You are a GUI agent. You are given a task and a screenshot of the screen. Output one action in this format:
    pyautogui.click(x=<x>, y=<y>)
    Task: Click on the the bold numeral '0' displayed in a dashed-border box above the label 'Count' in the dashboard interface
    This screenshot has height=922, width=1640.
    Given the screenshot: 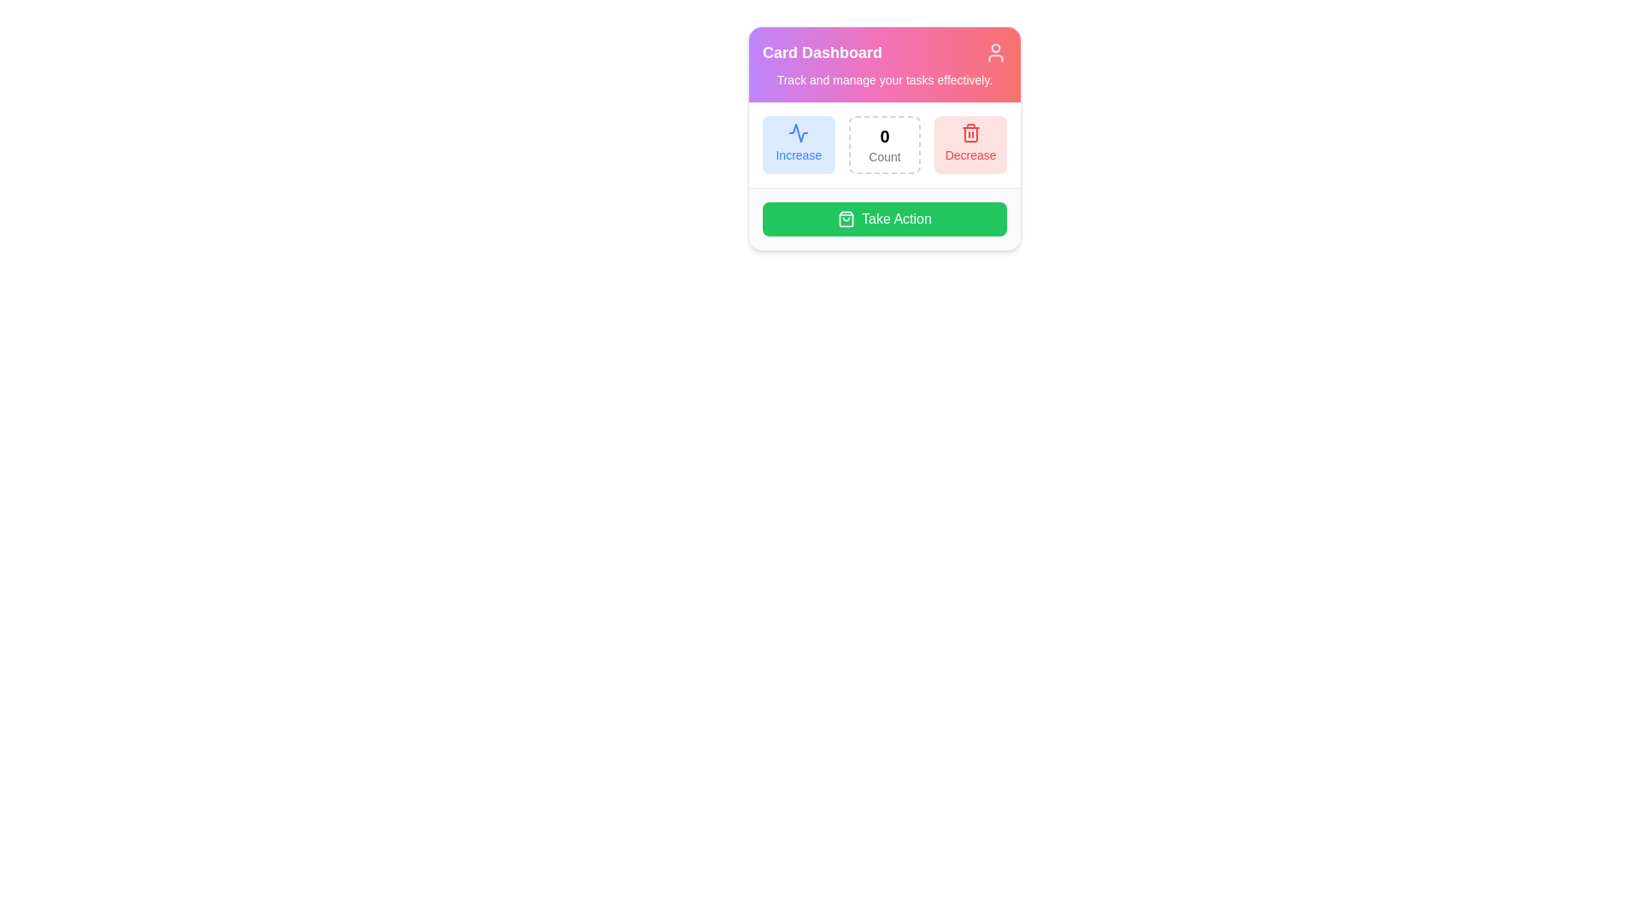 What is the action you would take?
    pyautogui.click(x=885, y=135)
    